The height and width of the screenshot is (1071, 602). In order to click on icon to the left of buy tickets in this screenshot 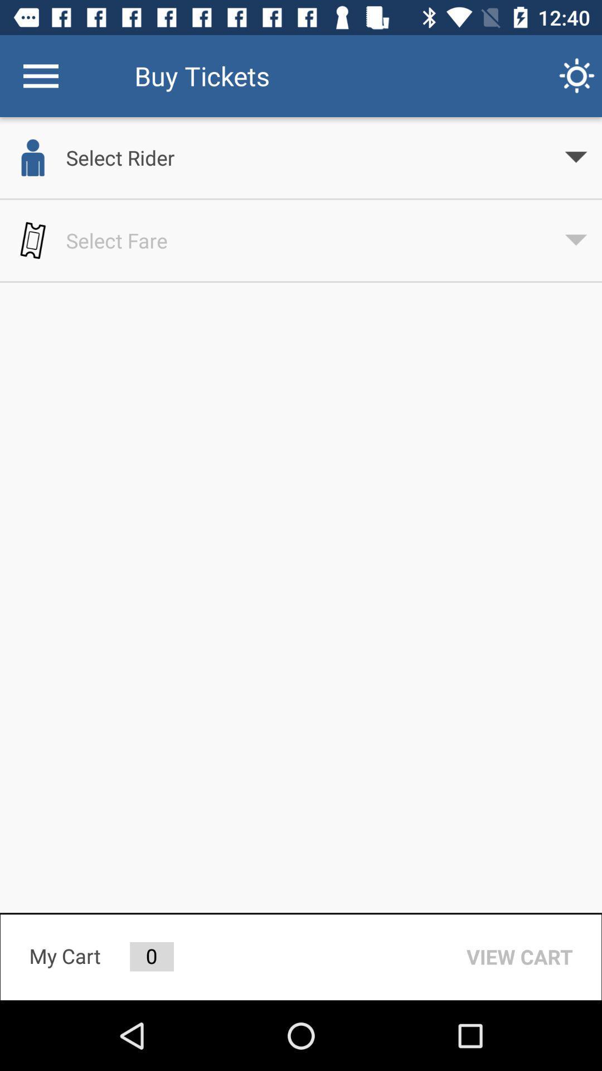, I will do `click(40, 75)`.